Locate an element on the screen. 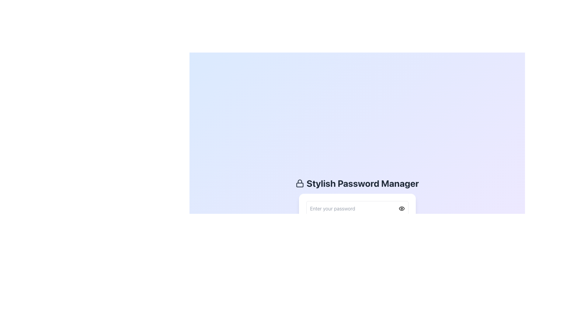 This screenshot has width=584, height=328. the text block with an icon, which serves as the header for the password manager application is located at coordinates (357, 183).